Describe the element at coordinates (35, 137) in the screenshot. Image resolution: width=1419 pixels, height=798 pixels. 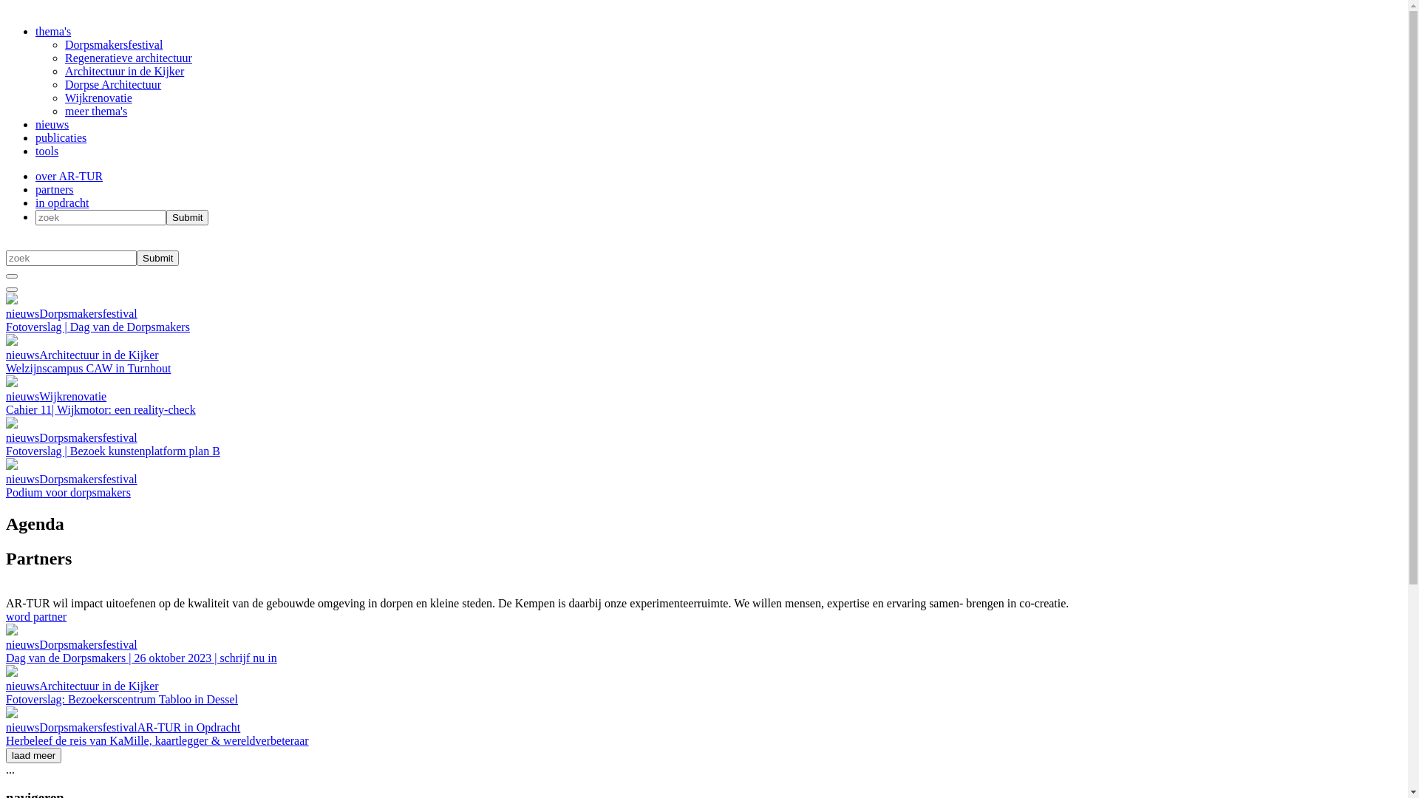
I see `'publicaties'` at that location.